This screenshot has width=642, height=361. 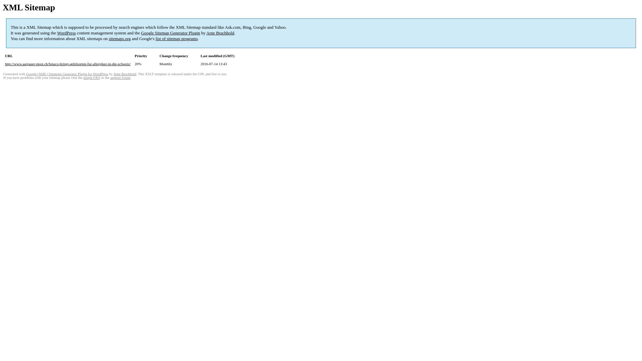 What do you see at coordinates (66, 33) in the screenshot?
I see `'WordPress'` at bounding box center [66, 33].